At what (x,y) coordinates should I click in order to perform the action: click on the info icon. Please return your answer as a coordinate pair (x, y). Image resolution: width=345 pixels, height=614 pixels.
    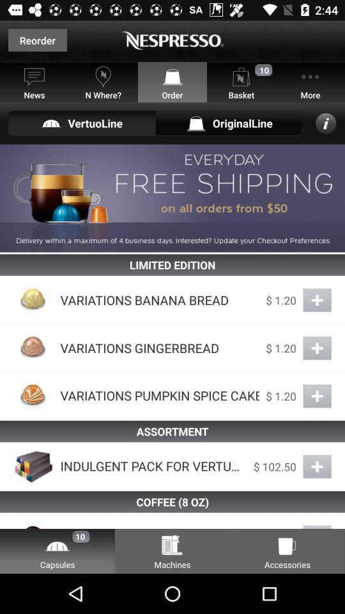
    Looking at the image, I should click on (326, 123).